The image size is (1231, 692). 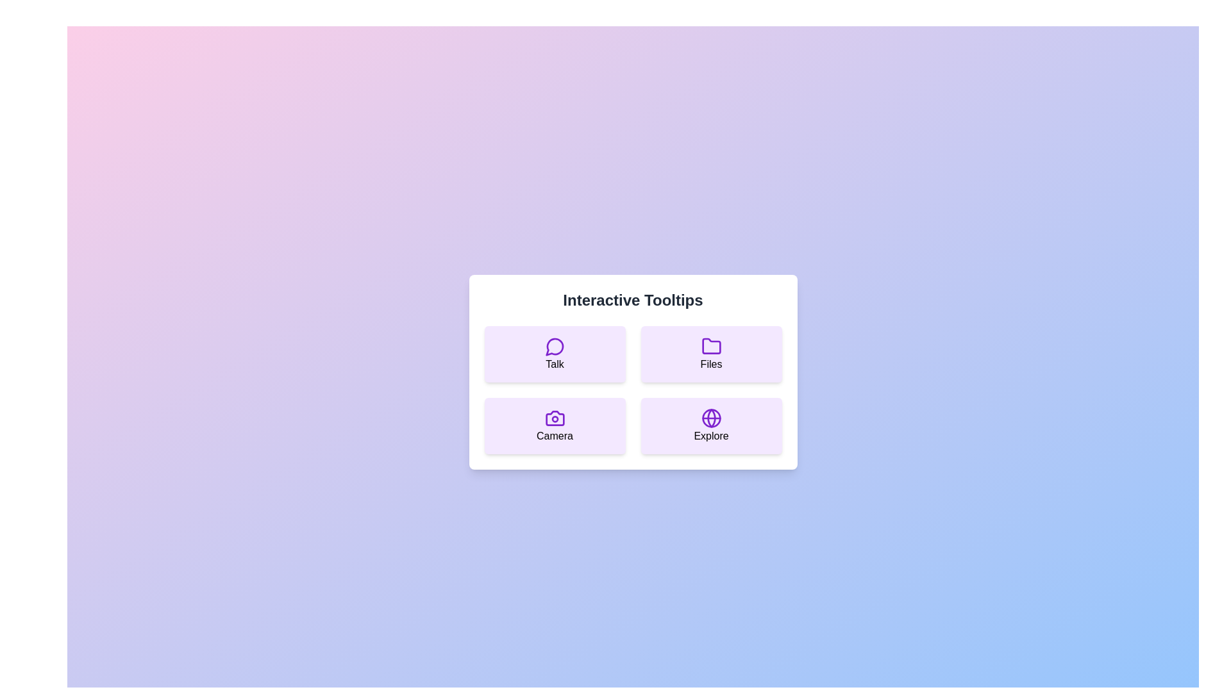 I want to click on the speech bubble icon with a circular highlight inside, styled in purple, located at the top-left of the tooltip options above the text 'Talk', so click(x=555, y=346).